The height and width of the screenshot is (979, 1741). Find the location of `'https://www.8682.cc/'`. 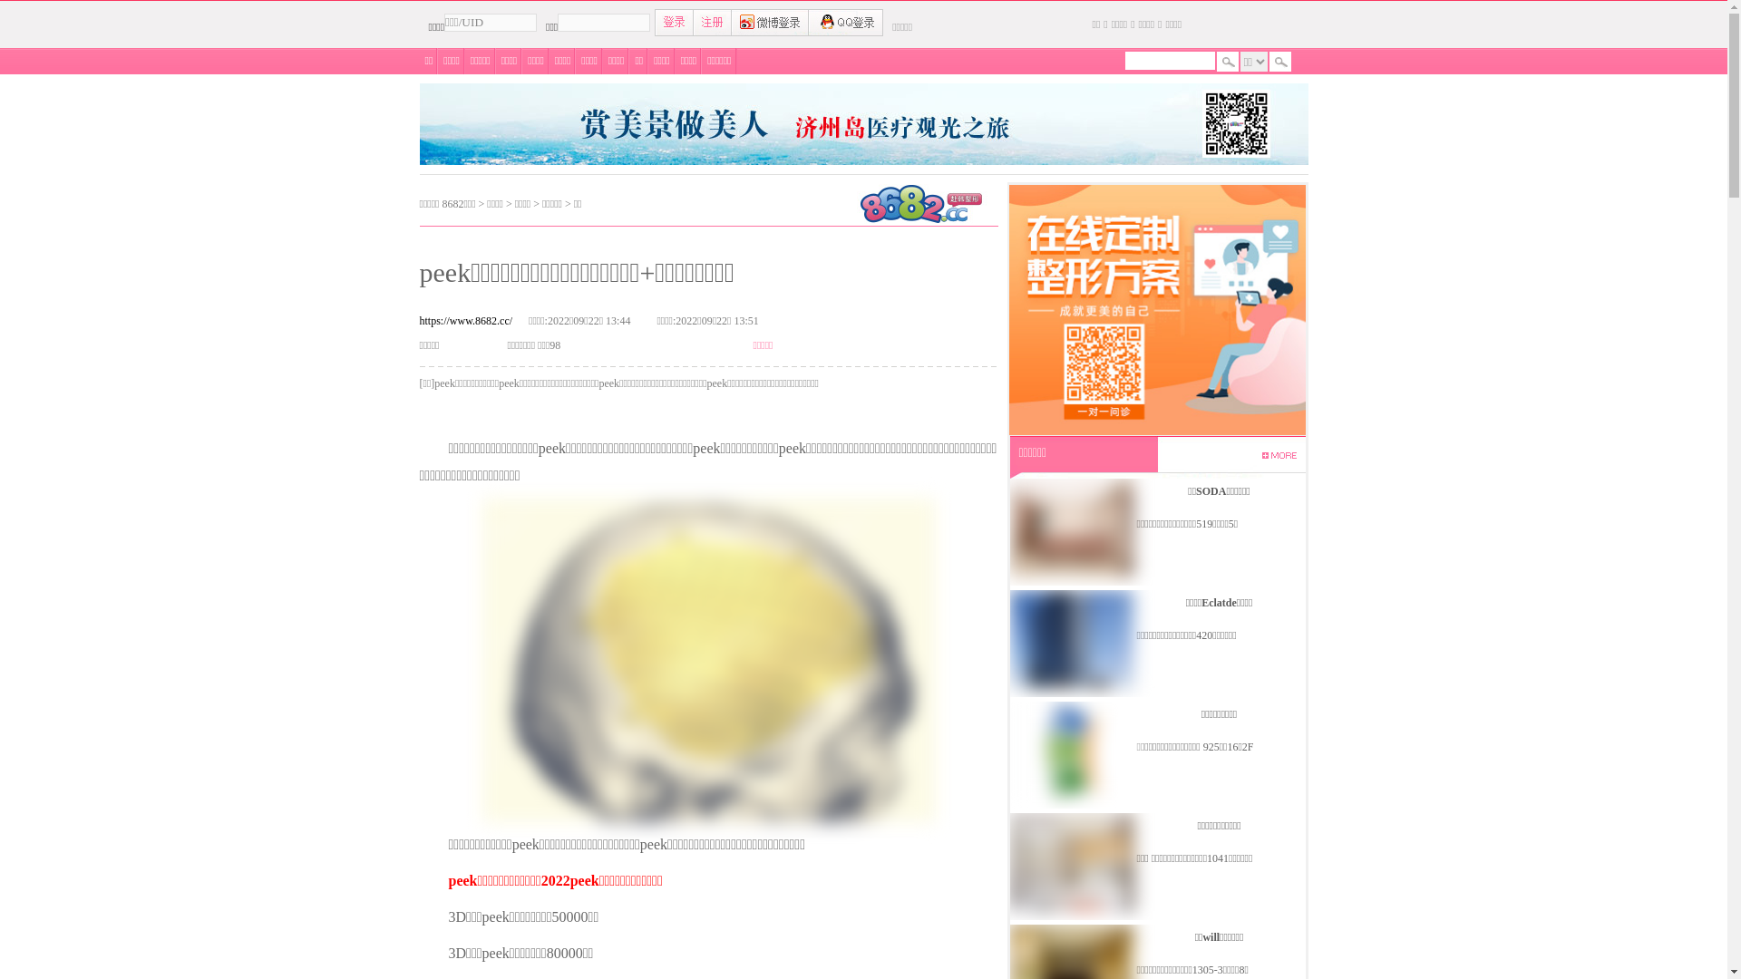

'https://www.8682.cc/' is located at coordinates (465, 320).